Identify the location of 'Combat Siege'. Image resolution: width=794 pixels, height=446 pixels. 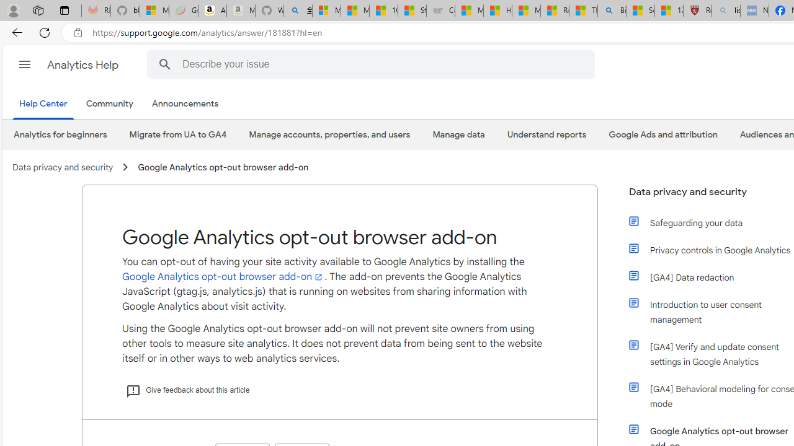
(440, 11).